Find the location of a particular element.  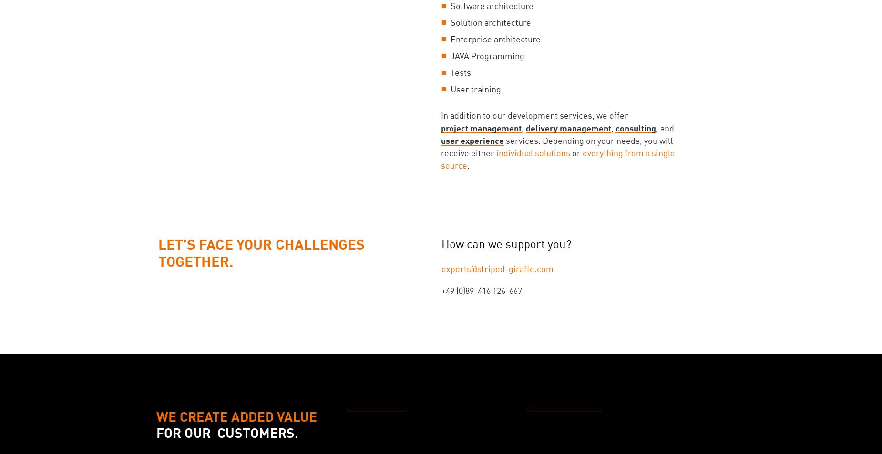

'More Details' is located at coordinates (526, 400).